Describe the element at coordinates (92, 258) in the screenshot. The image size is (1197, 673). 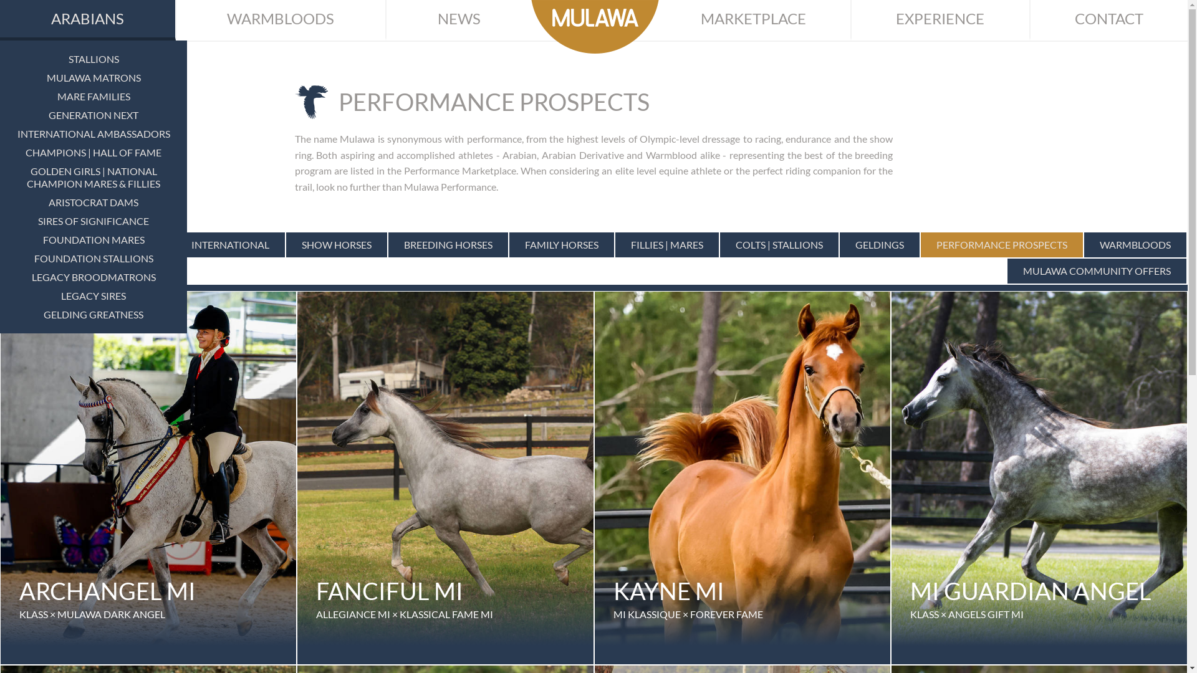
I see `'FOUNDATION STALLIONS'` at that location.